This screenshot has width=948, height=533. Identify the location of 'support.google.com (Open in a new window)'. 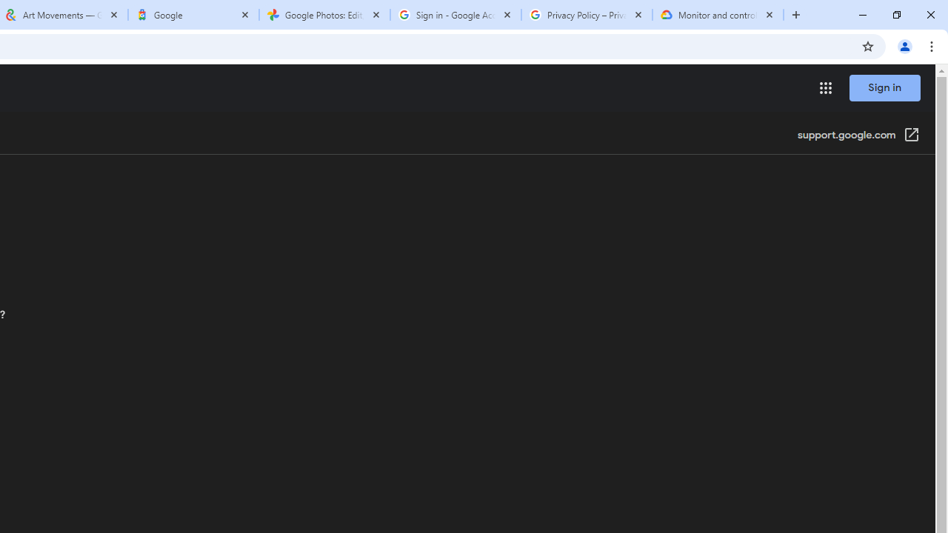
(858, 135).